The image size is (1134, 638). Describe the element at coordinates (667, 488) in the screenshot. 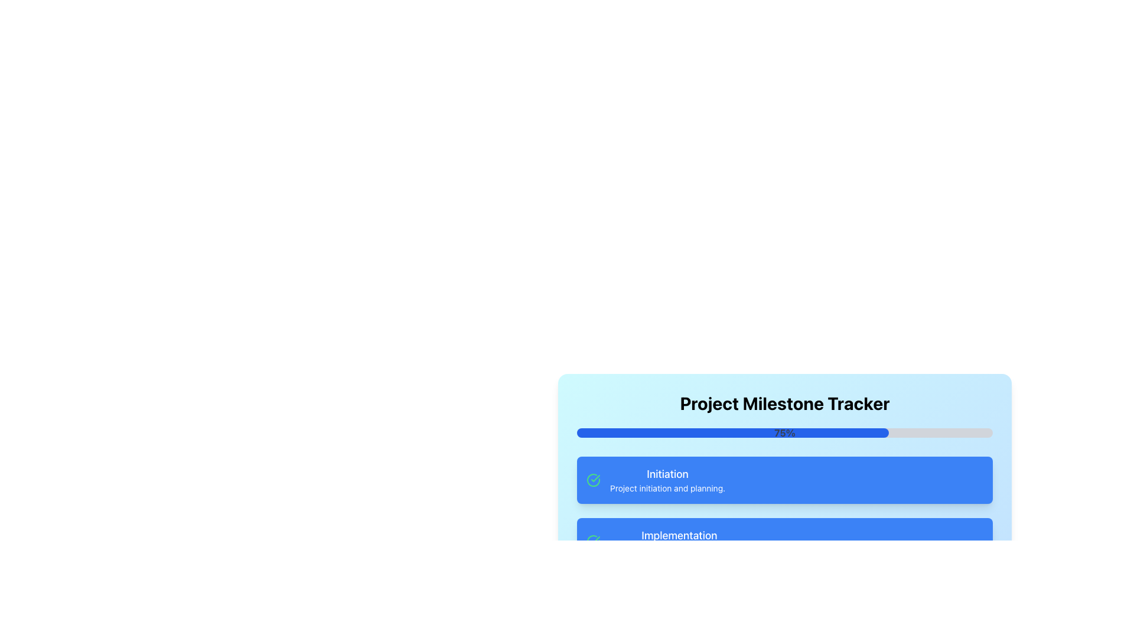

I see `the descriptive subtitle for the 'Initiation' section, which is located directly beneath the text 'Initiation' within the blue rectangular section labeled 'Initiation'` at that location.